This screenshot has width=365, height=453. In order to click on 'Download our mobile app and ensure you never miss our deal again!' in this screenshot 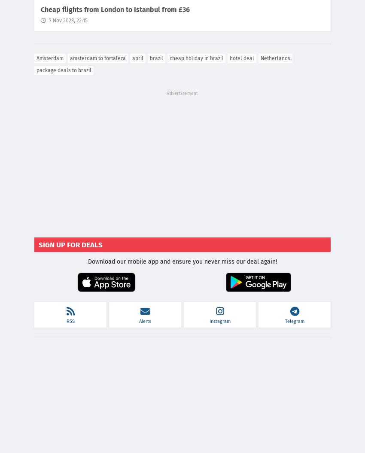, I will do `click(88, 261)`.